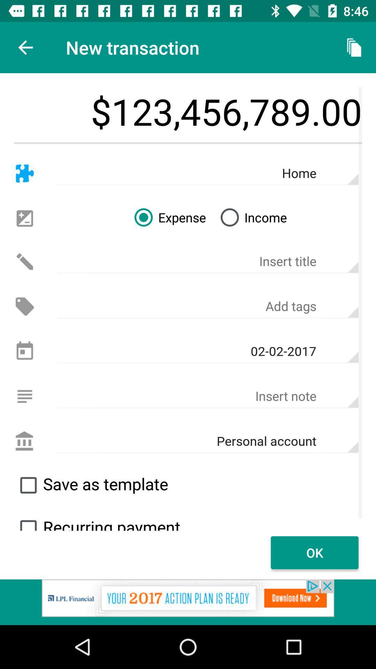 The image size is (376, 669). I want to click on fill data, so click(207, 396).